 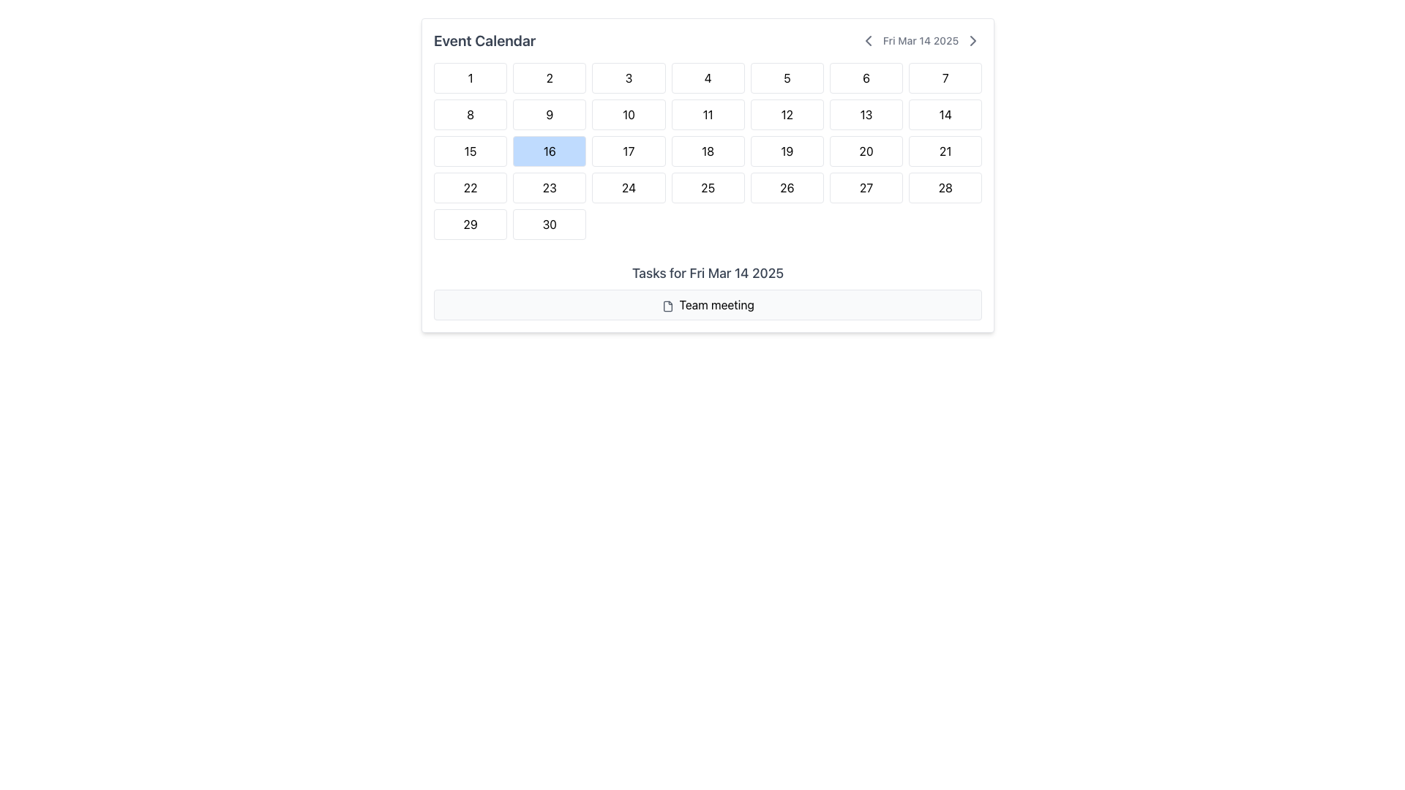 What do you see at coordinates (667, 305) in the screenshot?
I see `the document-like icon located near the bottom of the calendar event details section, to the left of the label 'Team meeting'` at bounding box center [667, 305].